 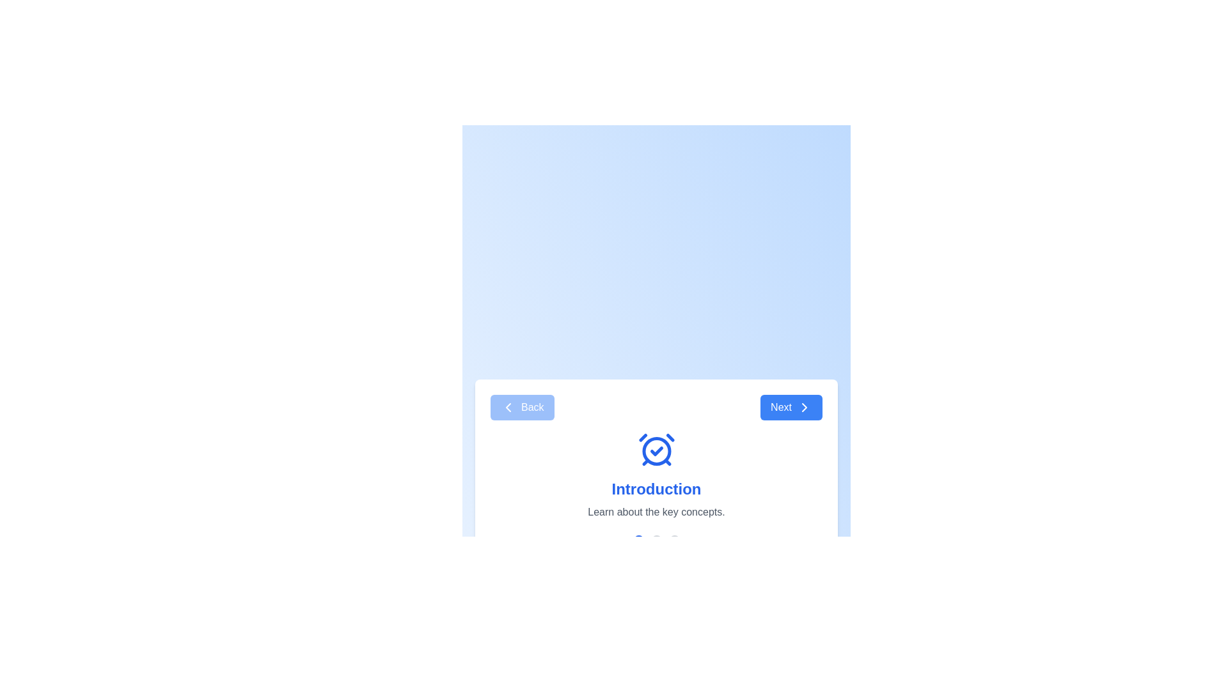 I want to click on the step indicator for step 3, so click(x=673, y=540).